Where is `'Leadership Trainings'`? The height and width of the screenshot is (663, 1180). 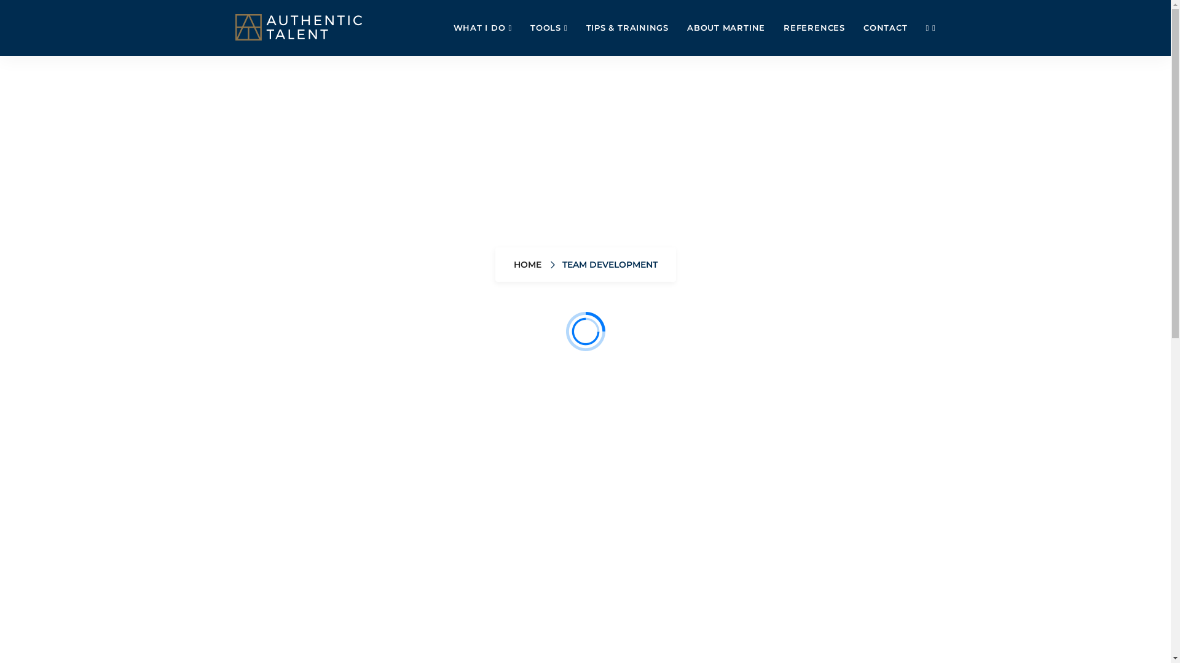 'Leadership Trainings' is located at coordinates (715, 443).